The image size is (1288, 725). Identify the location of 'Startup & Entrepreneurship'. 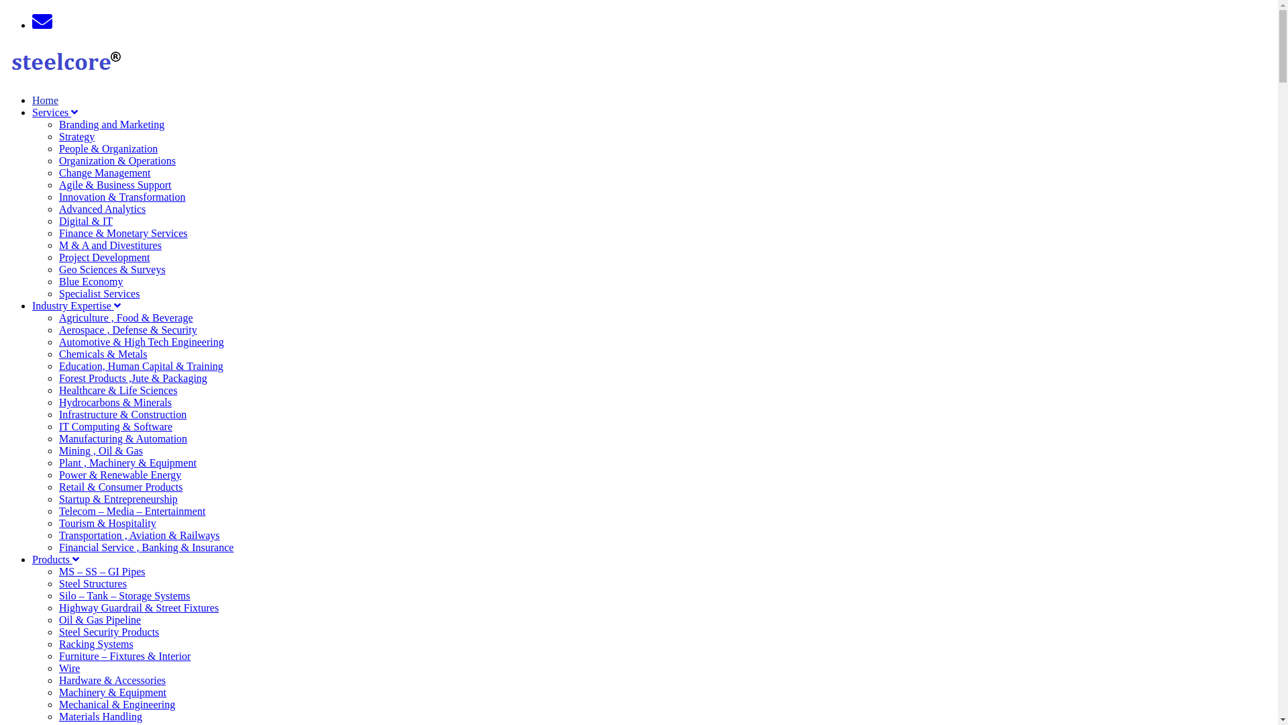
(58, 499).